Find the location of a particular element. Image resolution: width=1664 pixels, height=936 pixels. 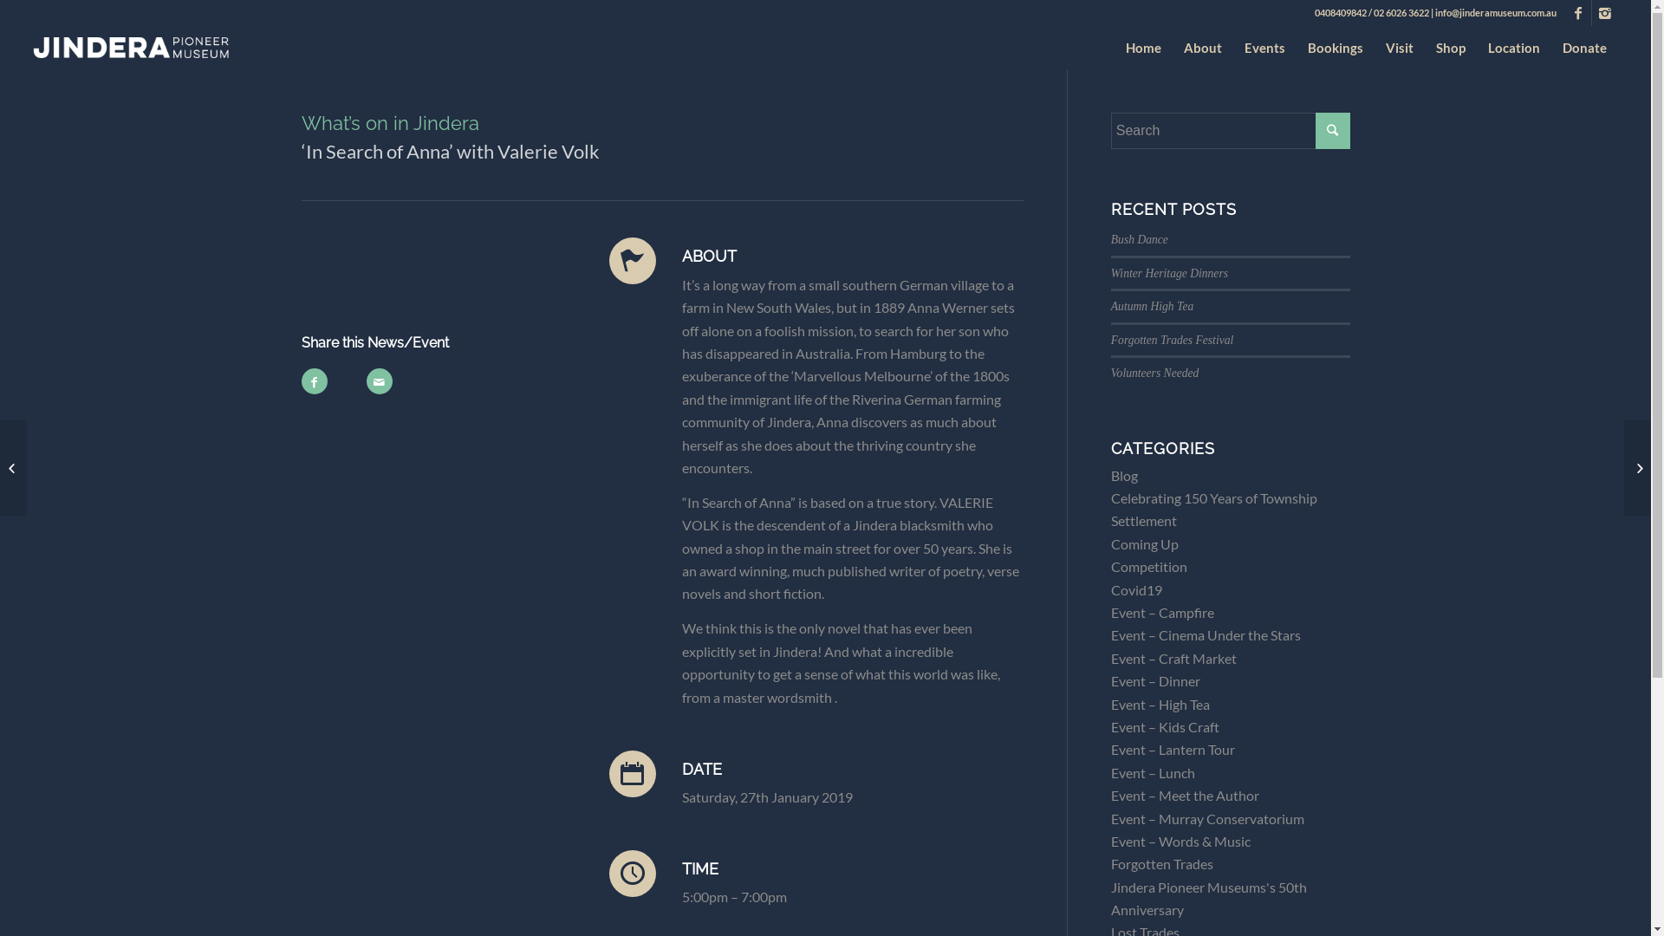

'Blog' is located at coordinates (1124, 475).